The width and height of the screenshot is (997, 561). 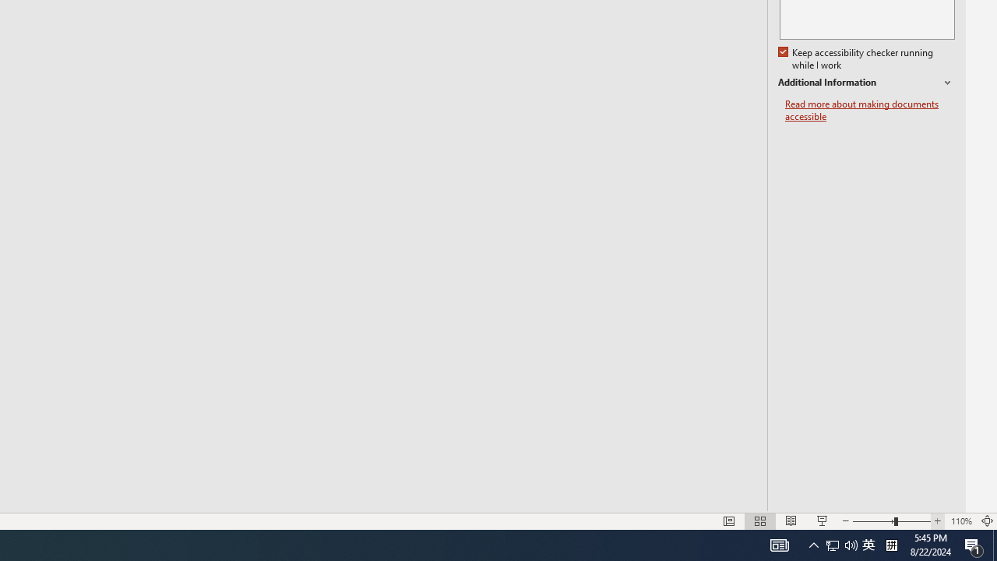 What do you see at coordinates (873, 521) in the screenshot?
I see `'Zoom Out'` at bounding box center [873, 521].